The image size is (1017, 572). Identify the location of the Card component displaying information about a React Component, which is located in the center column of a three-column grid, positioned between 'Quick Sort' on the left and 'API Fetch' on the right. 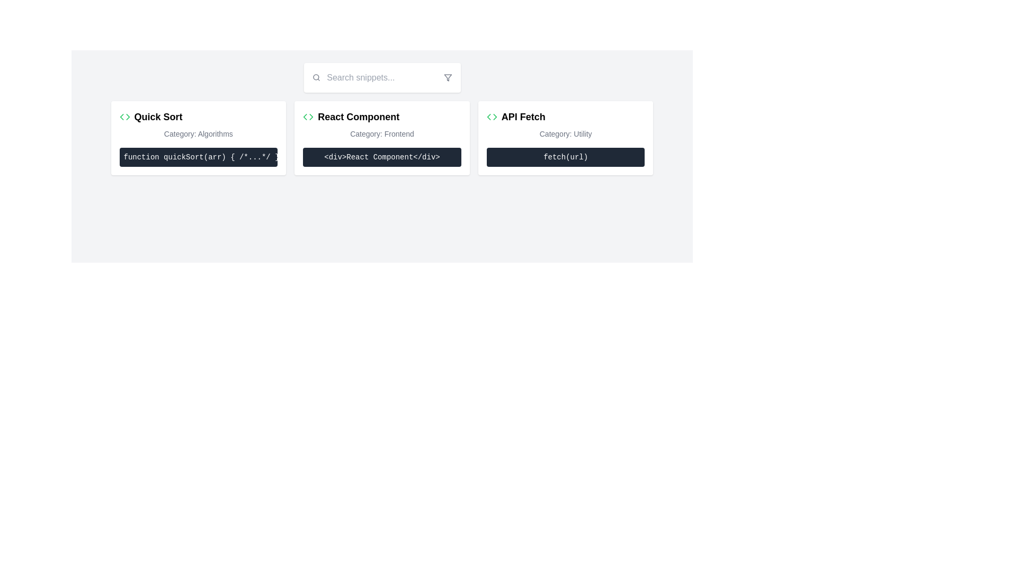
(381, 138).